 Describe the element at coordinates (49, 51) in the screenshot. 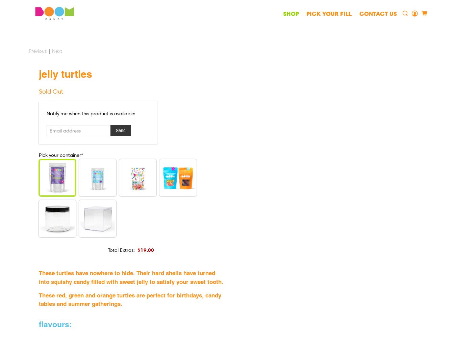

I see `'|'` at that location.